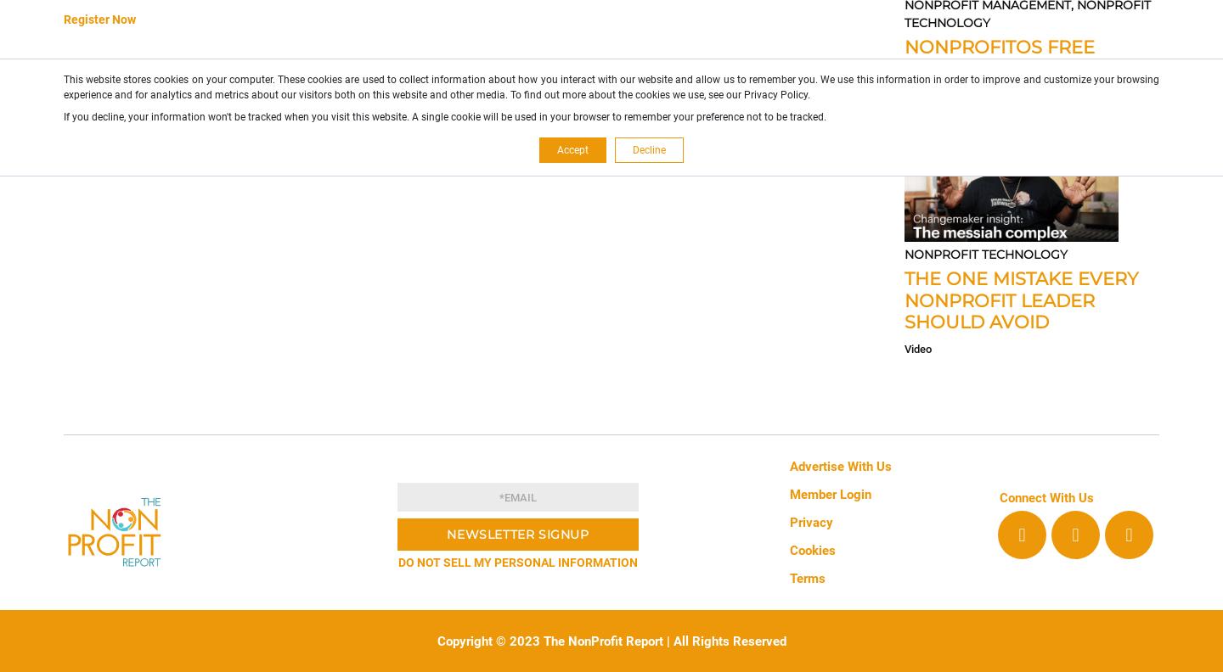 The width and height of the screenshot is (1223, 672). Describe the element at coordinates (488, 641) in the screenshot. I see `'Copyright © 2023'` at that location.